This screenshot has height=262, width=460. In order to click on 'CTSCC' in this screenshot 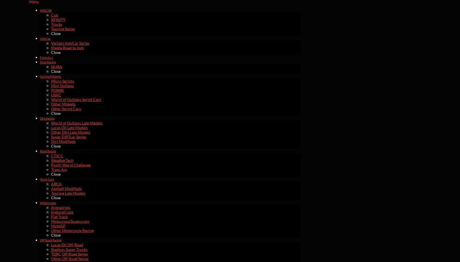, I will do `click(57, 155)`.